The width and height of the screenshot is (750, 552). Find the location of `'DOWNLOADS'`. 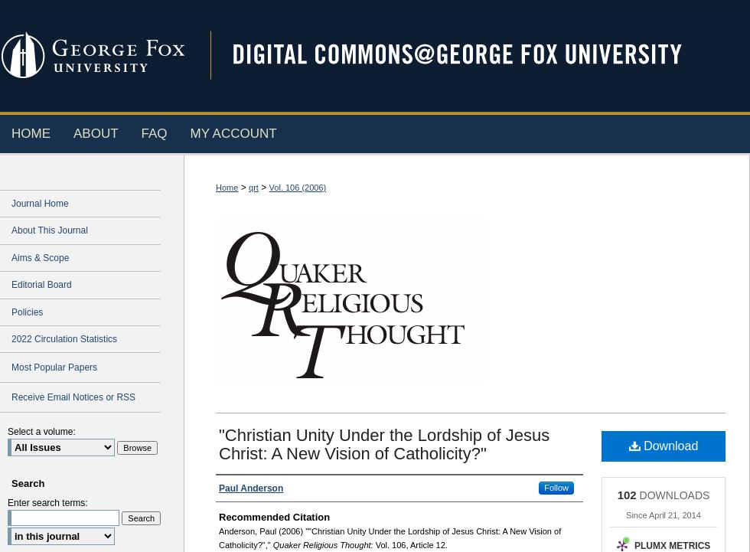

'DOWNLOADS' is located at coordinates (636, 495).